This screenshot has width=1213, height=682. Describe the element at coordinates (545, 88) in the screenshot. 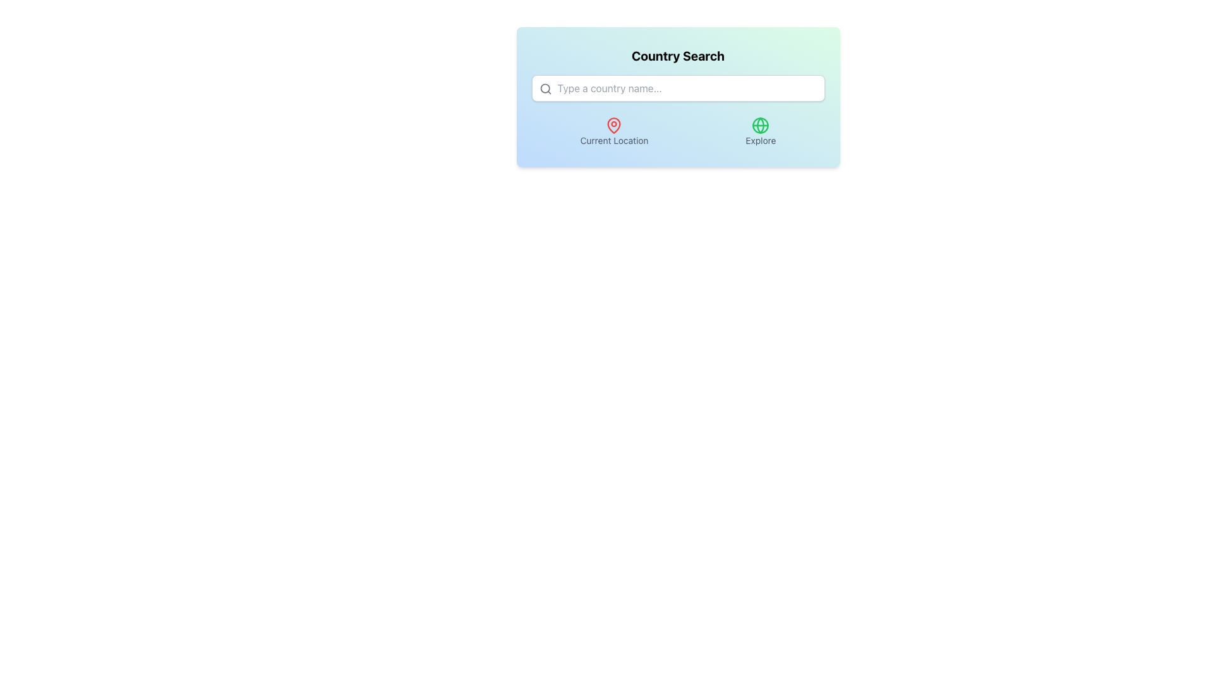

I see `the search icon located at the left margin of the input field, which represents the search functionality of the input field` at that location.